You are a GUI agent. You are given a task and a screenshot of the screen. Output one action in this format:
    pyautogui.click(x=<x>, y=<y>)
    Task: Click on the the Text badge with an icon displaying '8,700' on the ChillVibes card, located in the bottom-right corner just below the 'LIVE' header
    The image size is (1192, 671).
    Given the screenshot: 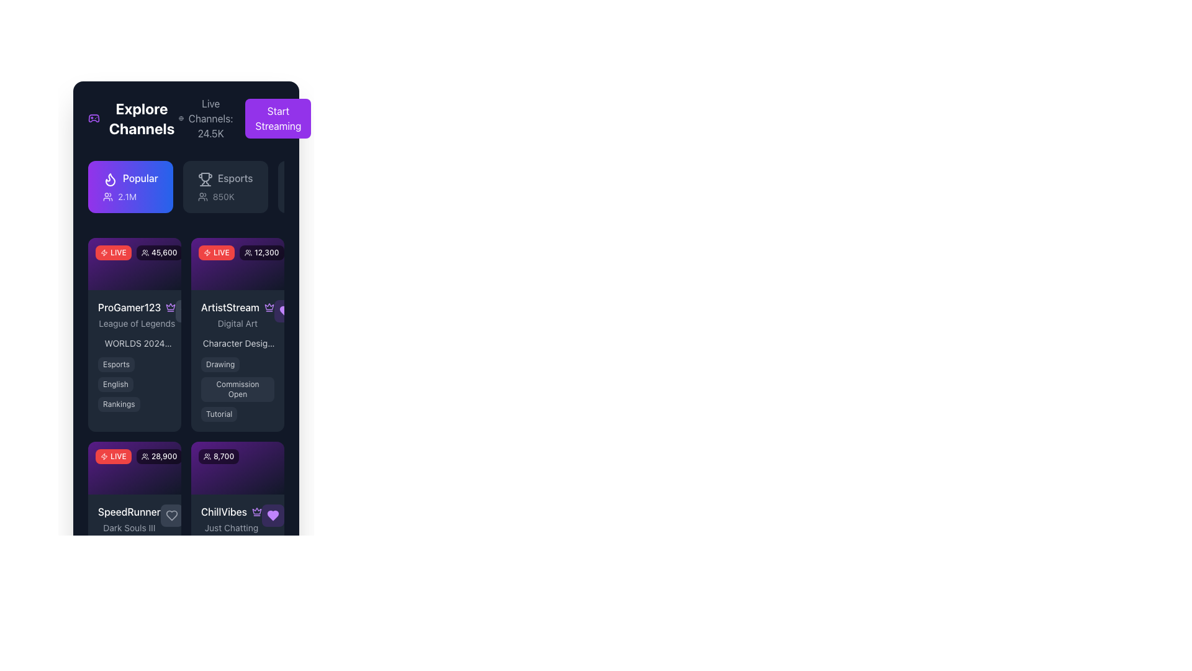 What is the action you would take?
    pyautogui.click(x=219, y=457)
    